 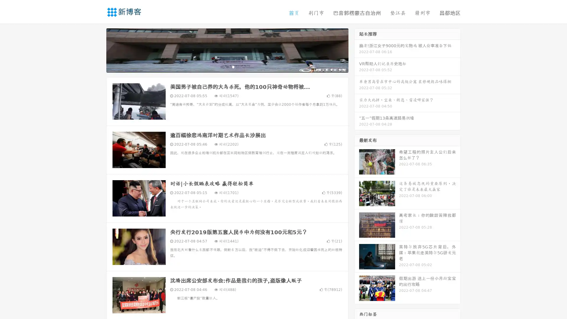 I want to click on Go to slide 2, so click(x=227, y=66).